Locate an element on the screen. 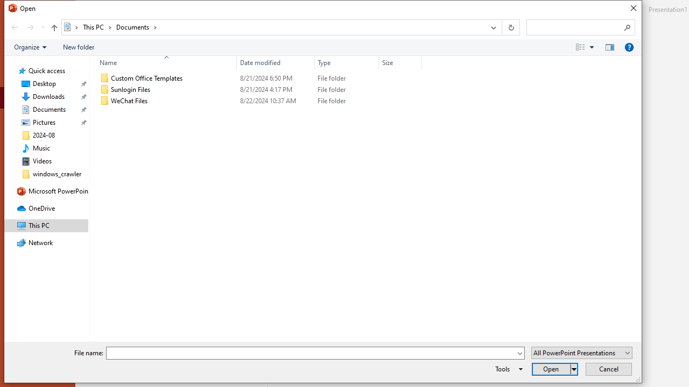 The width and height of the screenshot is (689, 387). 'Custom Office Templates' is located at coordinates (258, 78).